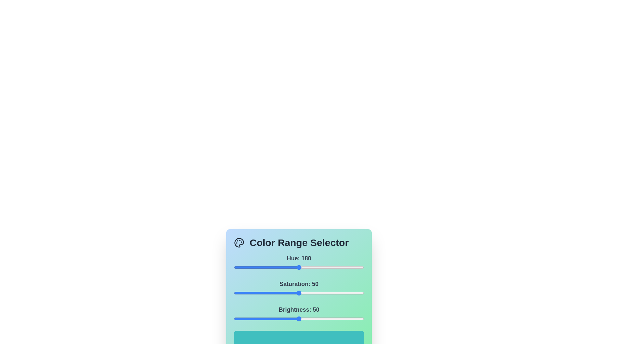 This screenshot has height=351, width=624. I want to click on the 0 slider to 27, so click(243, 267).